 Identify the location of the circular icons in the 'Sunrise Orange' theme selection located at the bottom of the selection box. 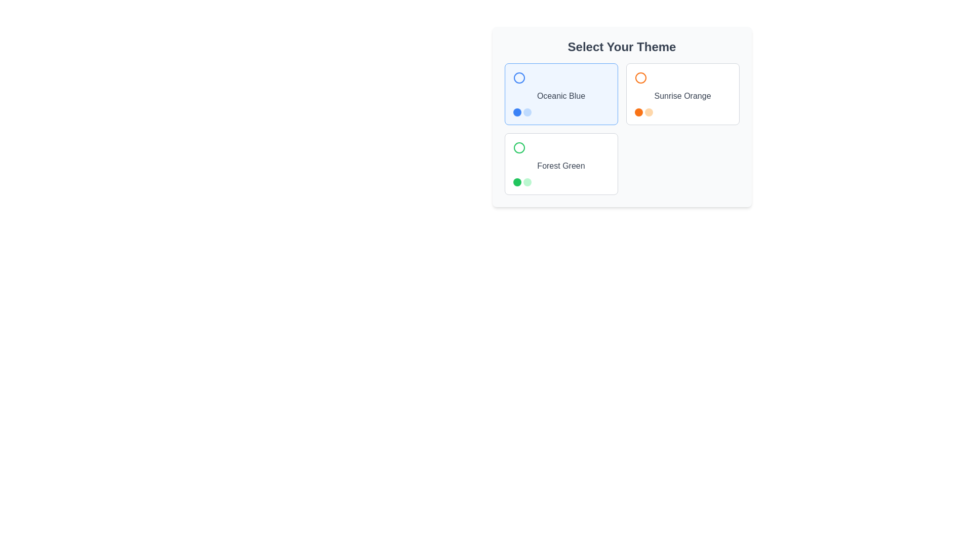
(682, 112).